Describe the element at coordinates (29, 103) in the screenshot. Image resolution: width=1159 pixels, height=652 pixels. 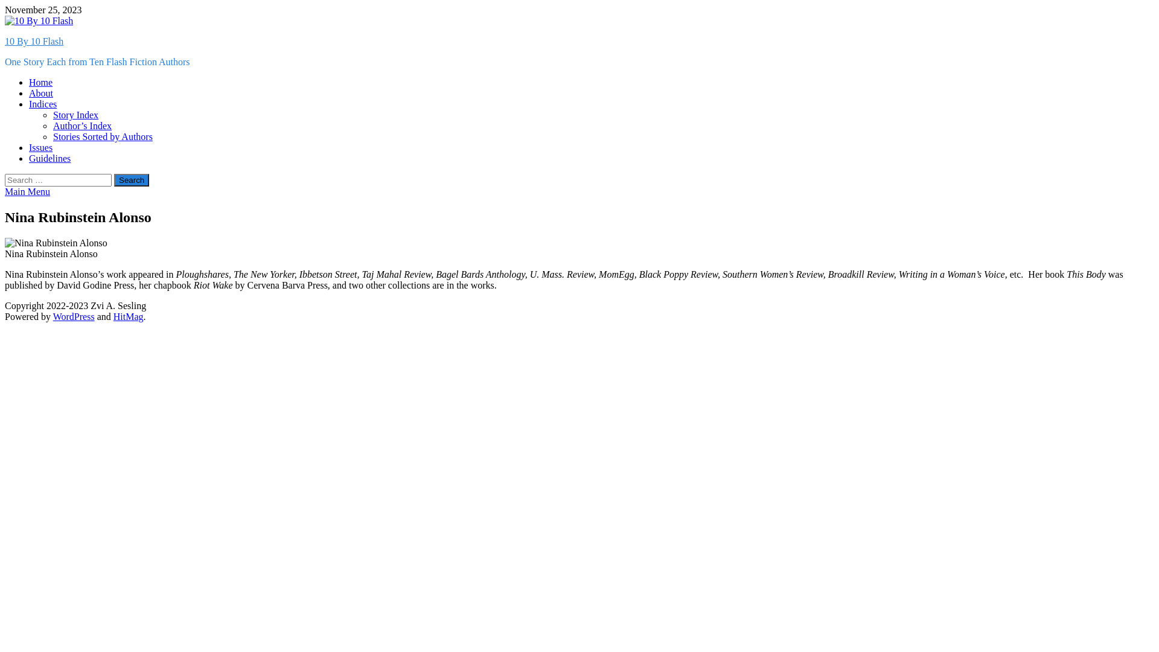
I see `'Indices'` at that location.